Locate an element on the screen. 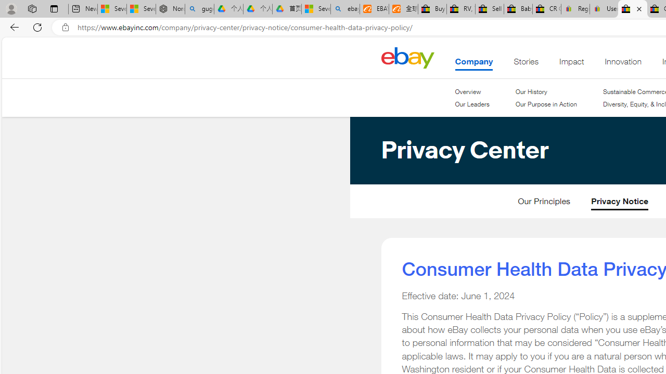  'Company' is located at coordinates (473, 64).